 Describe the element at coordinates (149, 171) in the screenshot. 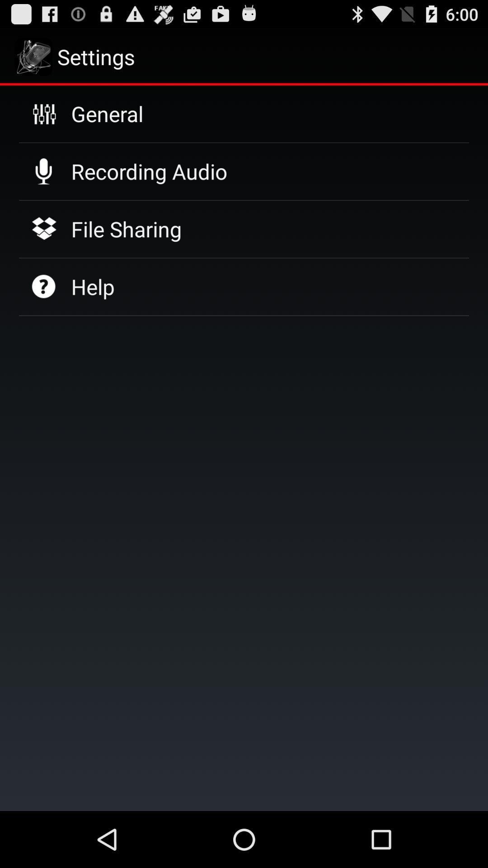

I see `the icon below the general item` at that location.